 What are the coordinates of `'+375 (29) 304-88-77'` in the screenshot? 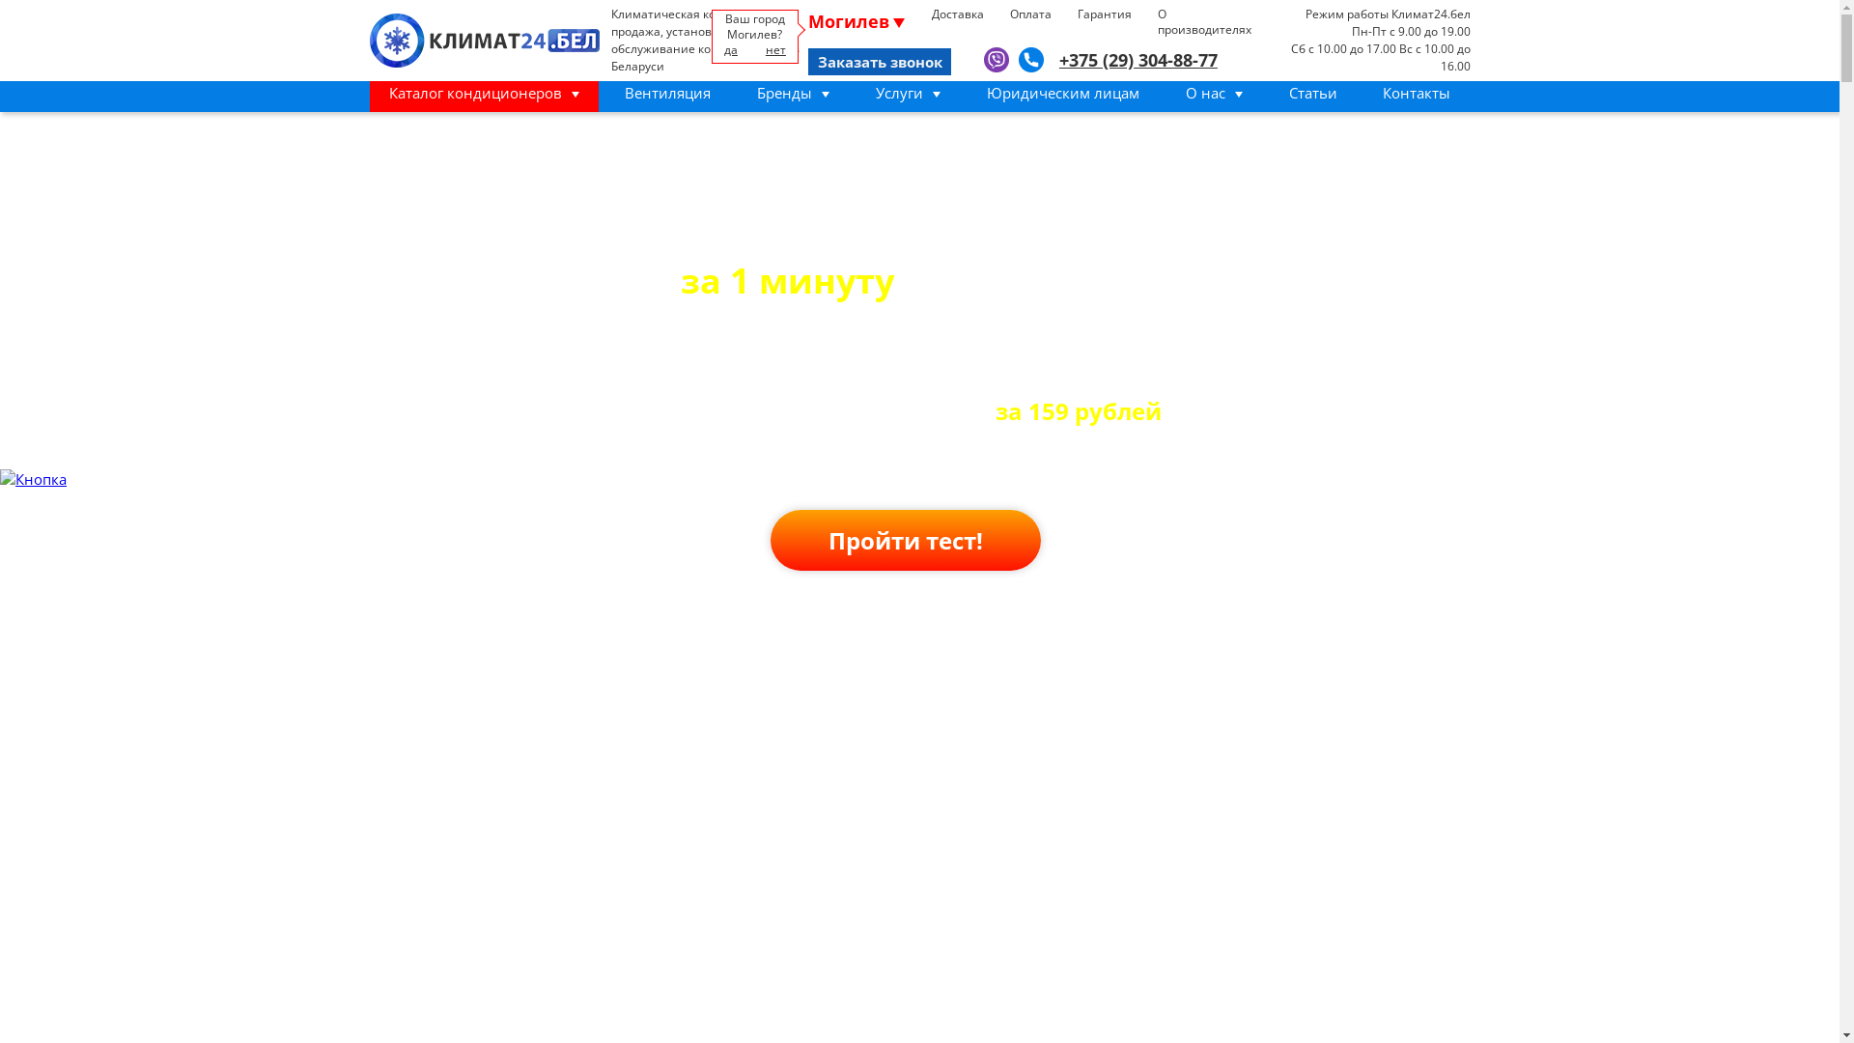 It's located at (1138, 59).